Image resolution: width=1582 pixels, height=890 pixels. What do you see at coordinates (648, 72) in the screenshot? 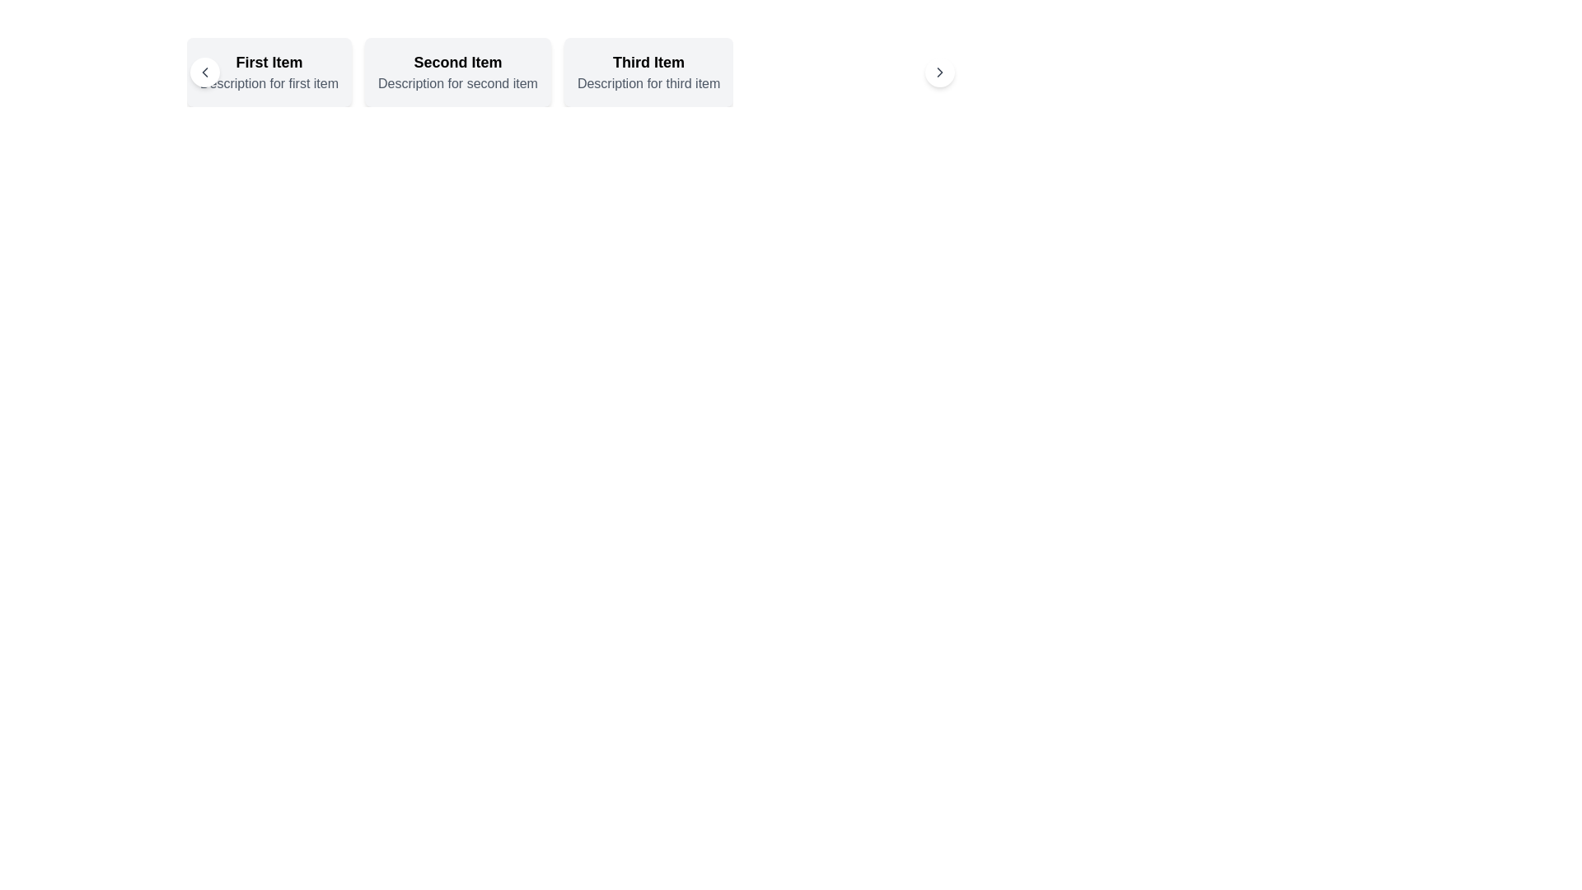
I see `the third informational card that displays a title and description, located in the upper-right section of the interface` at bounding box center [648, 72].